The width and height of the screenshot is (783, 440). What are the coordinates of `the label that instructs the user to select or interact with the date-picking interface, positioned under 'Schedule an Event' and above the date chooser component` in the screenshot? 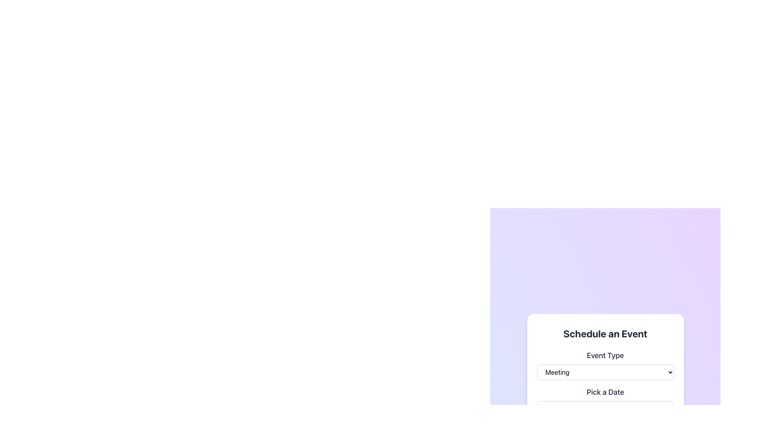 It's located at (605, 392).